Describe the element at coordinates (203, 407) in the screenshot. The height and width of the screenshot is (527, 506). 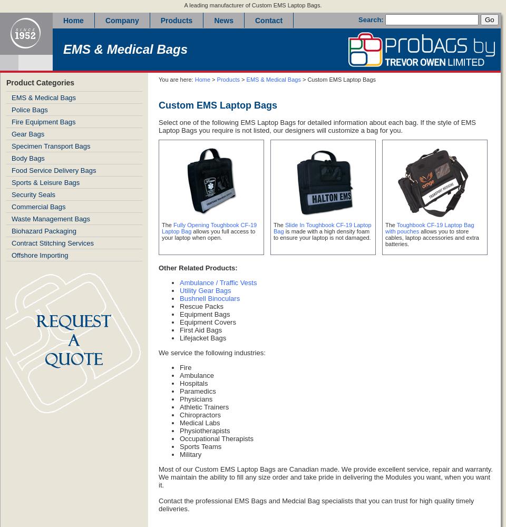
I see `'Athletic Trainers'` at that location.